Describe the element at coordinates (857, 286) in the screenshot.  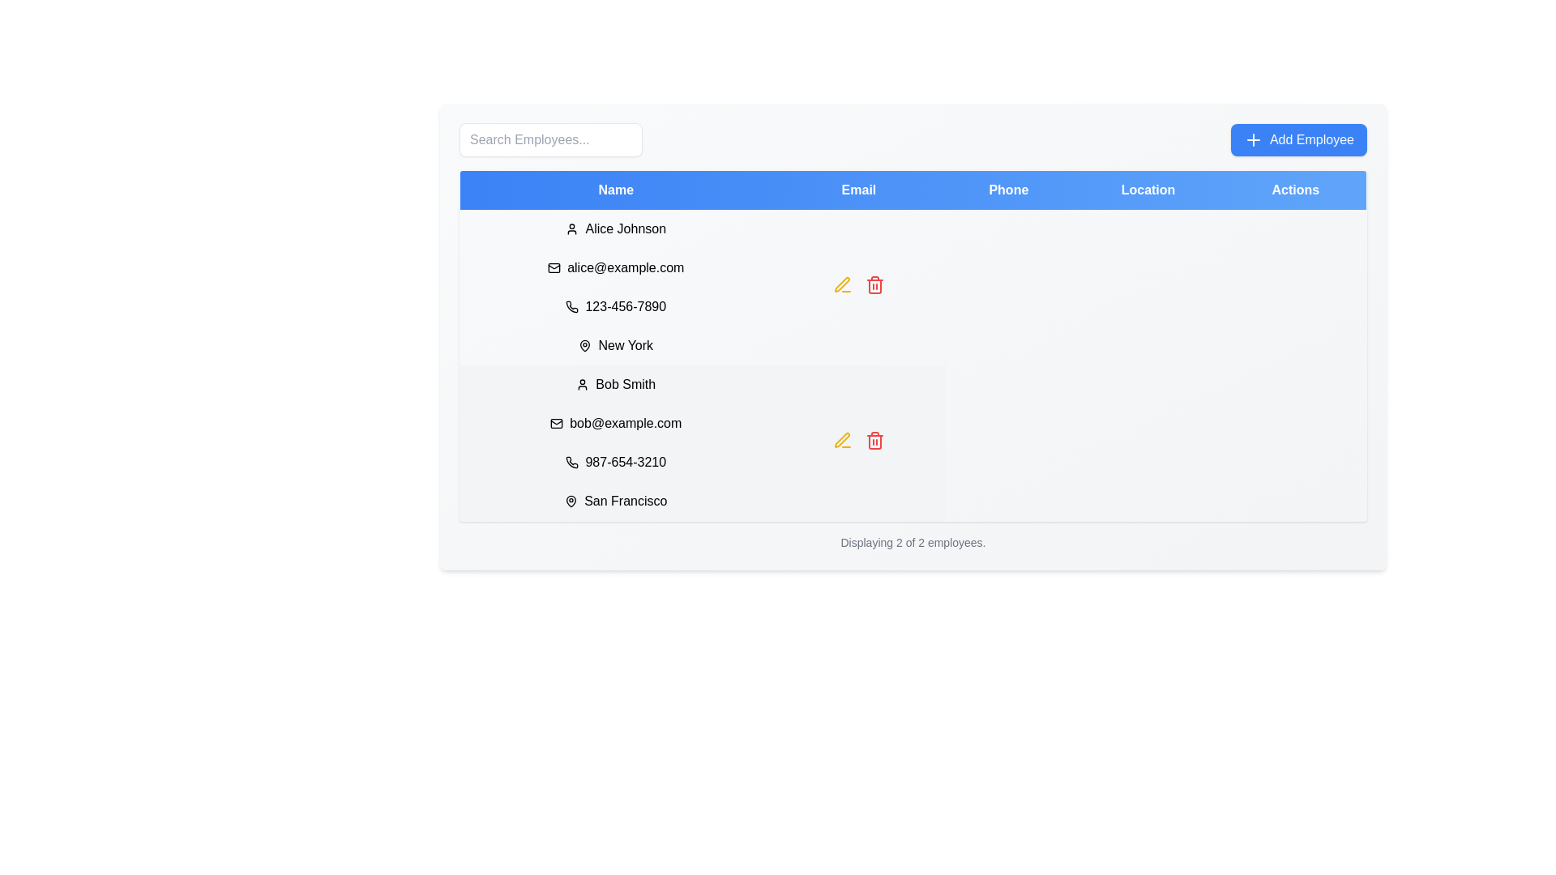
I see `the yellow pencil icon in the Action control panel for the entry of 'Alice Johnson'` at that location.